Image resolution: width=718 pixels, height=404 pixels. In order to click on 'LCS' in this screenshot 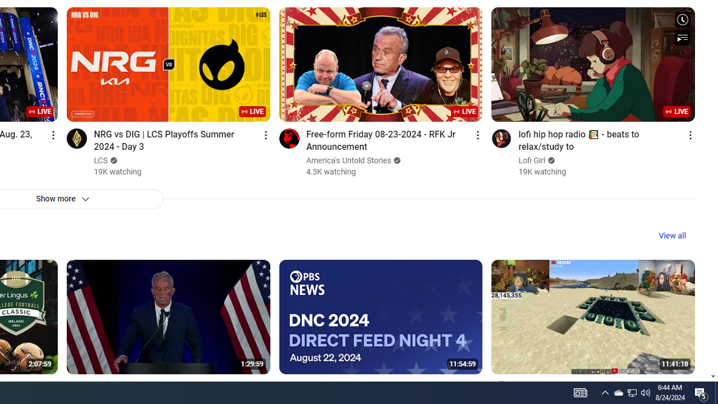, I will do `click(101, 160)`.